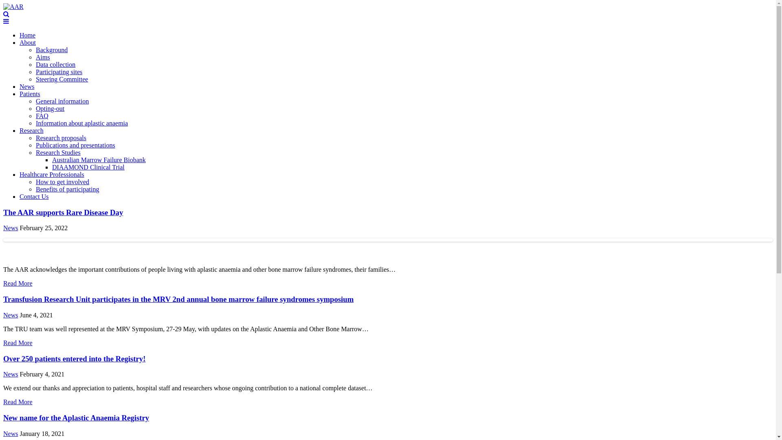  Describe the element at coordinates (31, 130) in the screenshot. I see `'Research'` at that location.